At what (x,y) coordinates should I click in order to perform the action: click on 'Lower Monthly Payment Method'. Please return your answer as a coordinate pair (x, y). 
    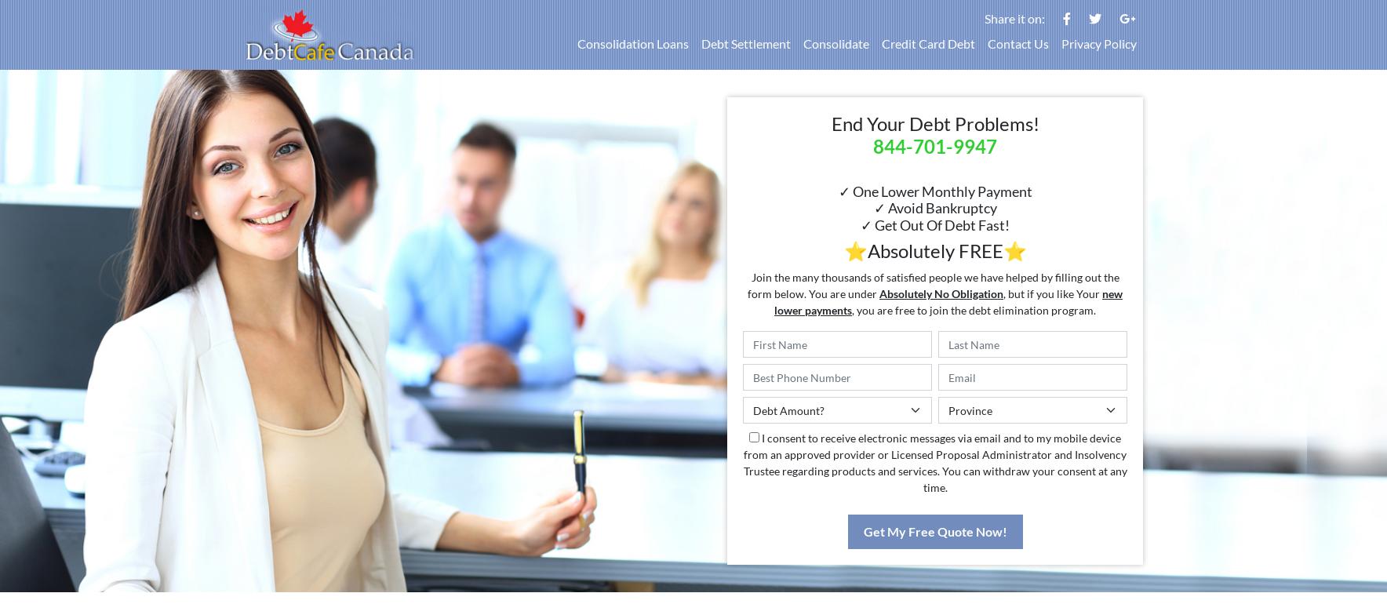
    Looking at the image, I should click on (768, 555).